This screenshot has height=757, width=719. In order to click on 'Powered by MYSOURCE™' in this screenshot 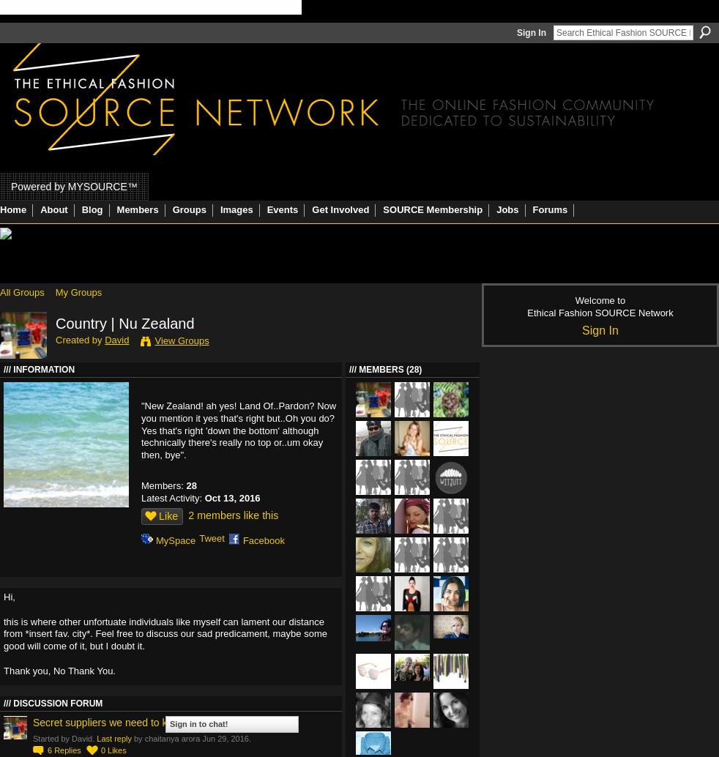, I will do `click(73, 185)`.